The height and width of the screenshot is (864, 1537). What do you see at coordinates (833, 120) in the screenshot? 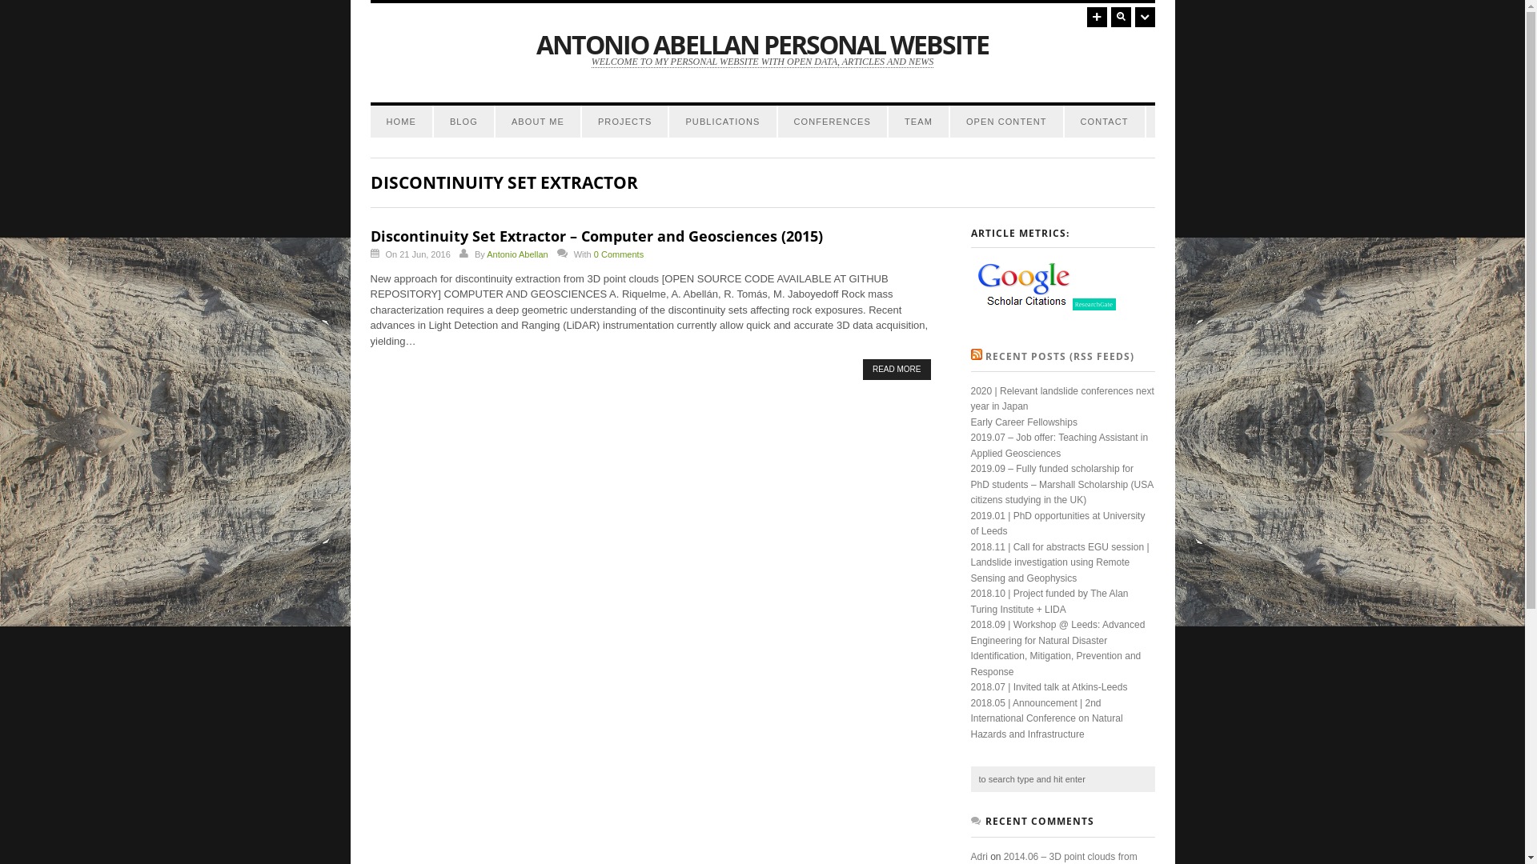
I see `'CONFERENCES'` at bounding box center [833, 120].